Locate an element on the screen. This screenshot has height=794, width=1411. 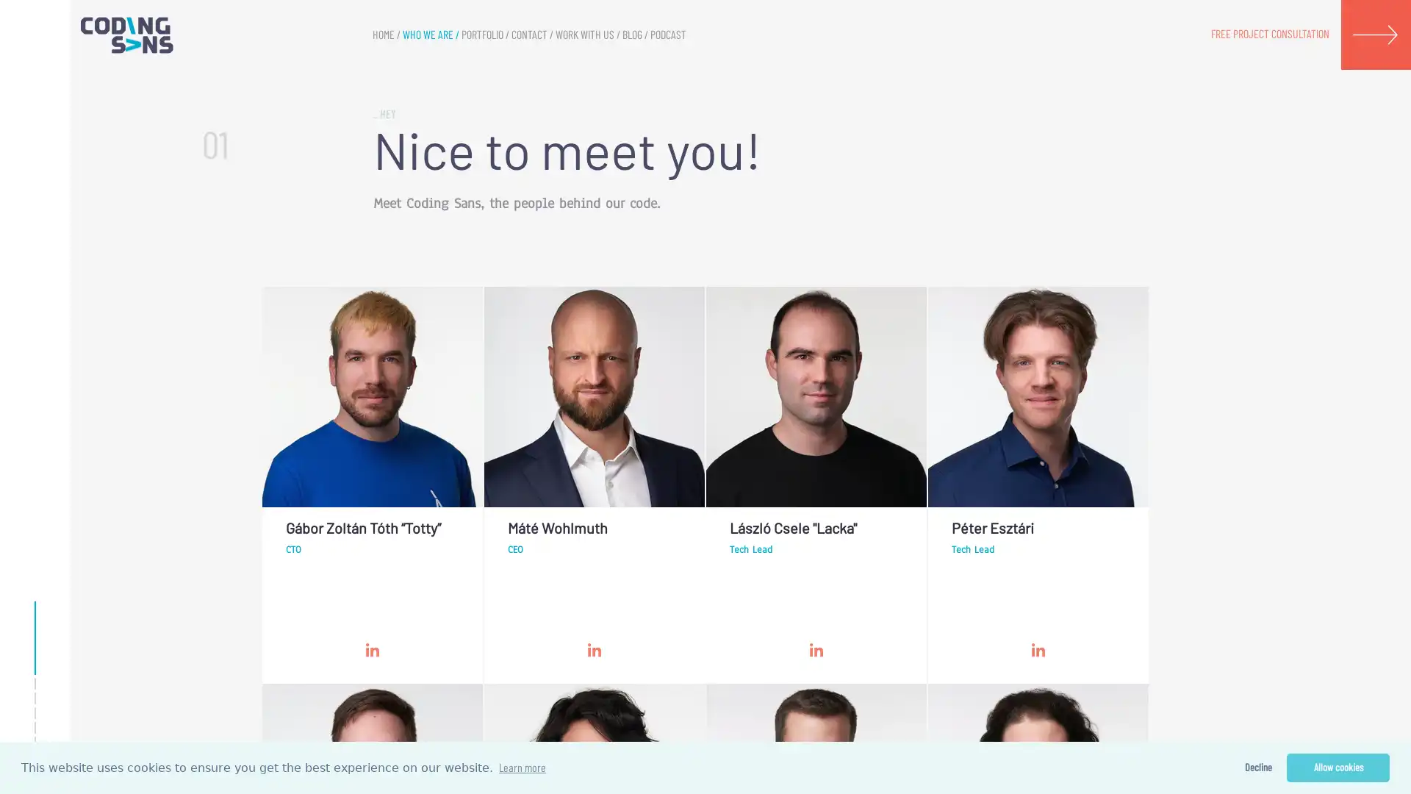
deny cookies is located at coordinates (1257, 767).